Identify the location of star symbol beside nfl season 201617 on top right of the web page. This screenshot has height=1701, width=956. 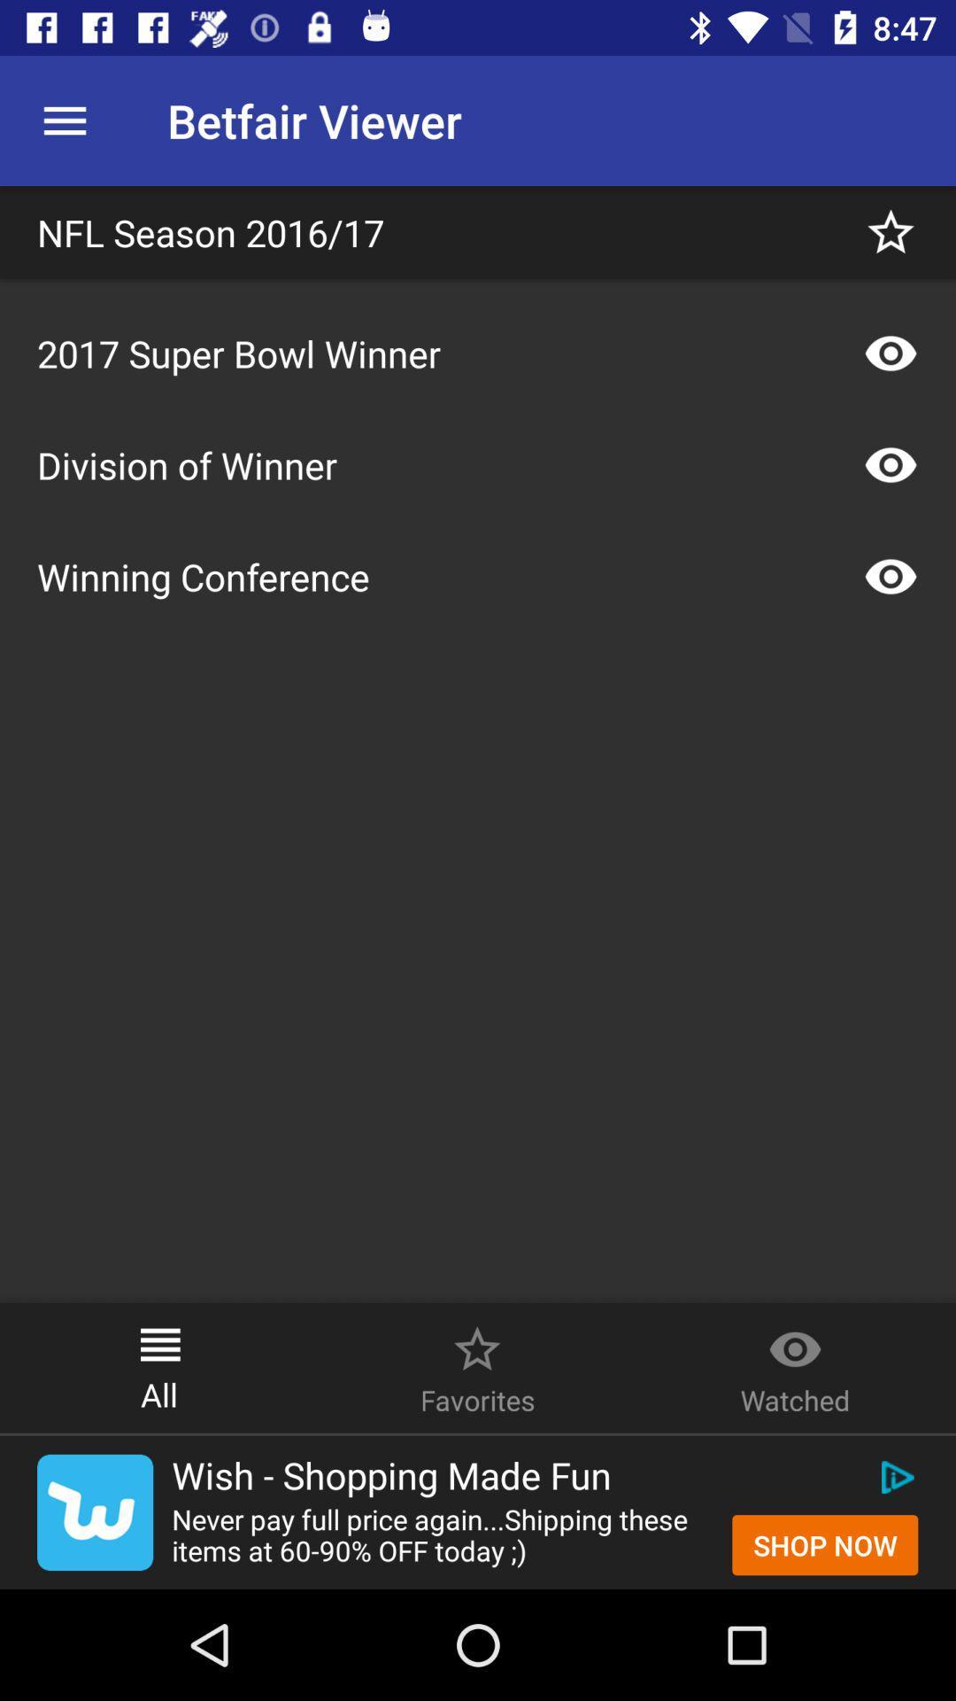
(890, 231).